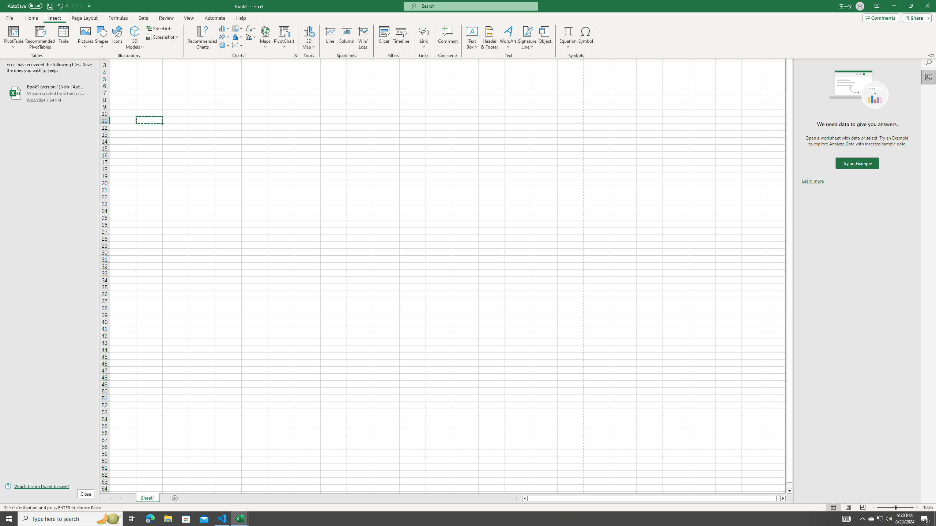 This screenshot has height=526, width=936. I want to click on 'Q2790: 100%', so click(888, 518).